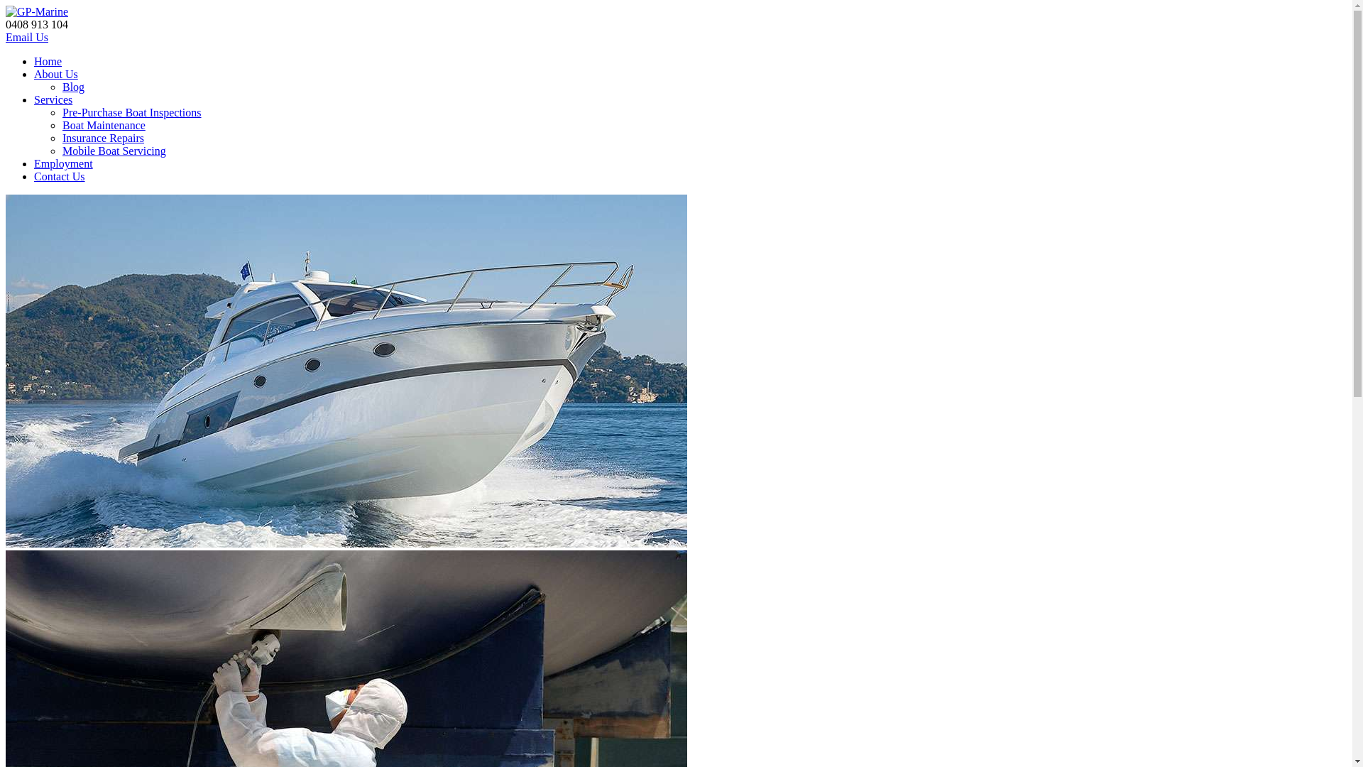 Image resolution: width=1363 pixels, height=767 pixels. What do you see at coordinates (62, 163) in the screenshot?
I see `'Employment'` at bounding box center [62, 163].